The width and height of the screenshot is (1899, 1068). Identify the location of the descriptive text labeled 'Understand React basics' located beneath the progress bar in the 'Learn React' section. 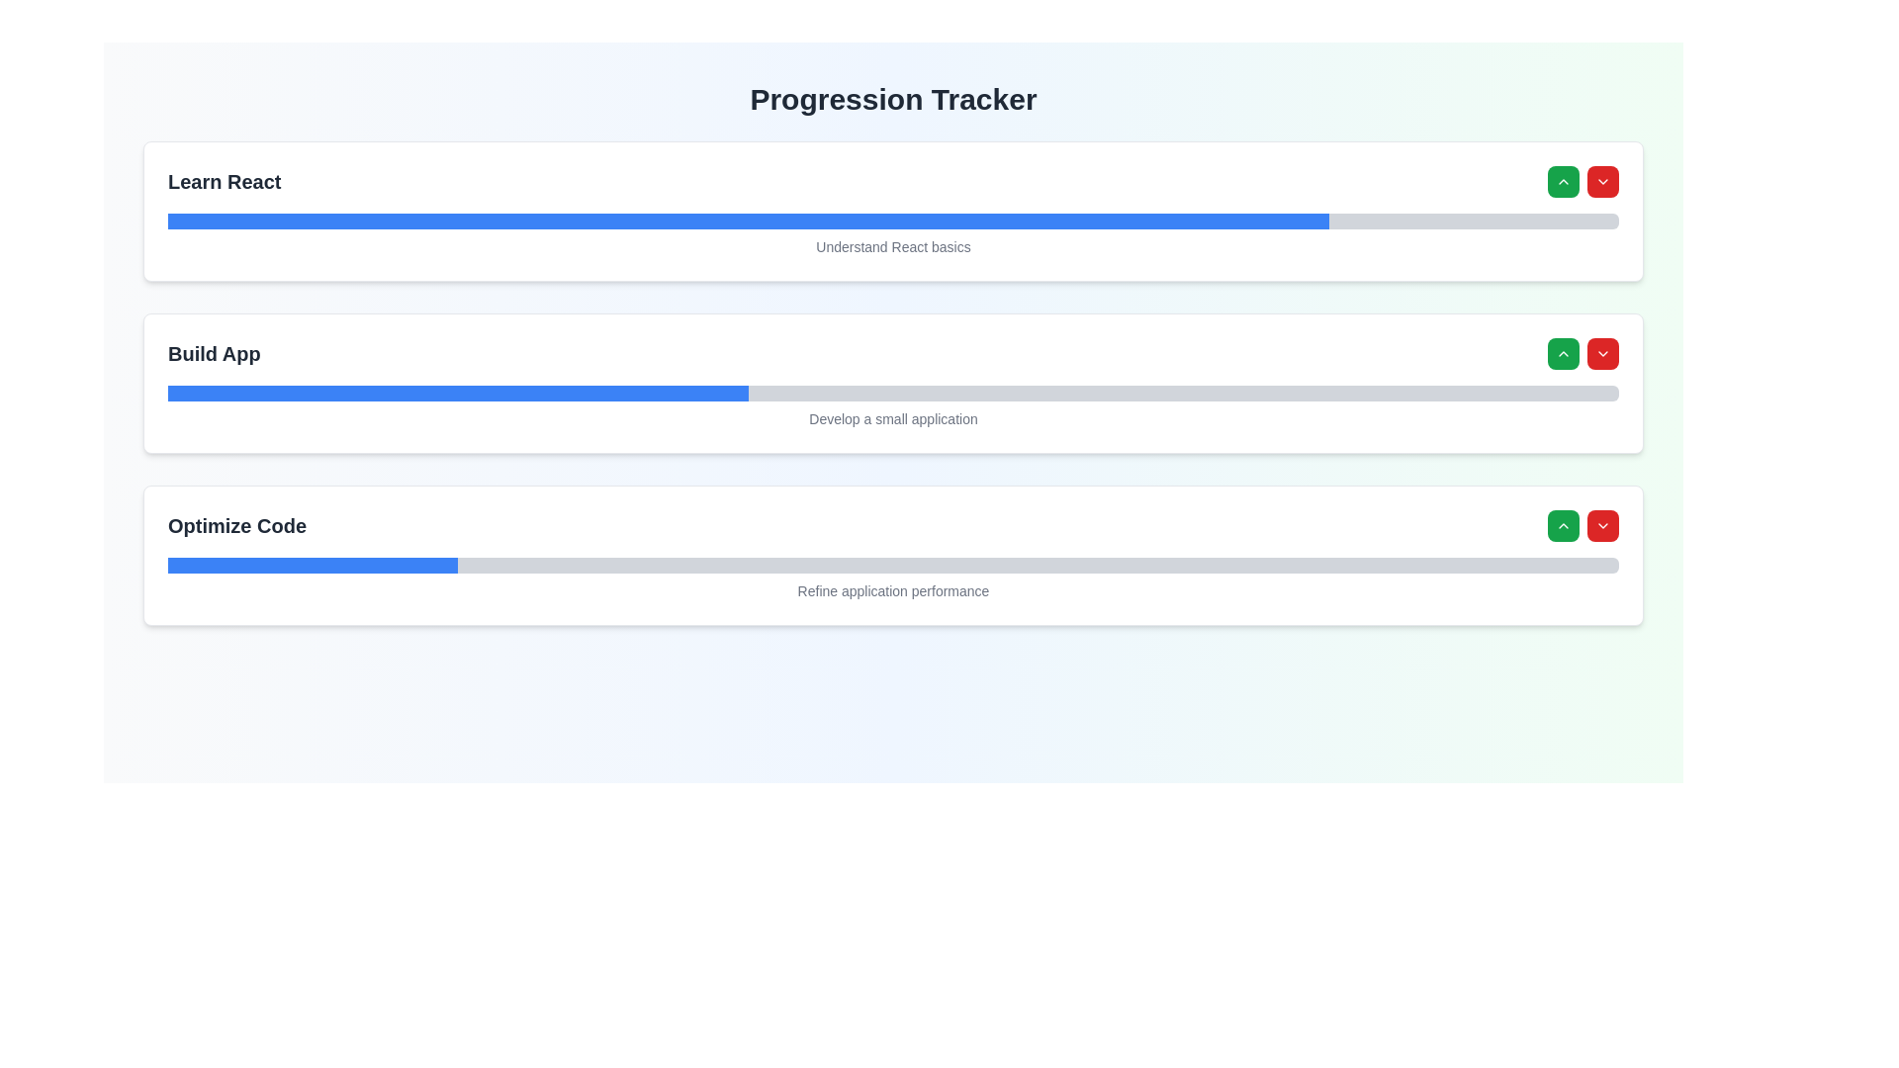
(892, 242).